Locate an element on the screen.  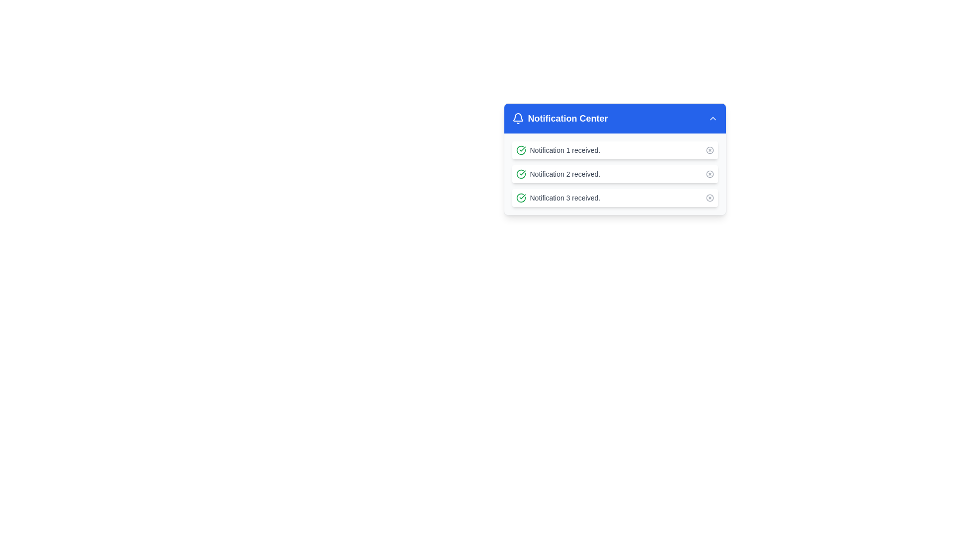
the notification icon resembling a bell, which is styled in white against a blue background, located at the far left side of the 'Notification Center' header is located at coordinates (517, 118).